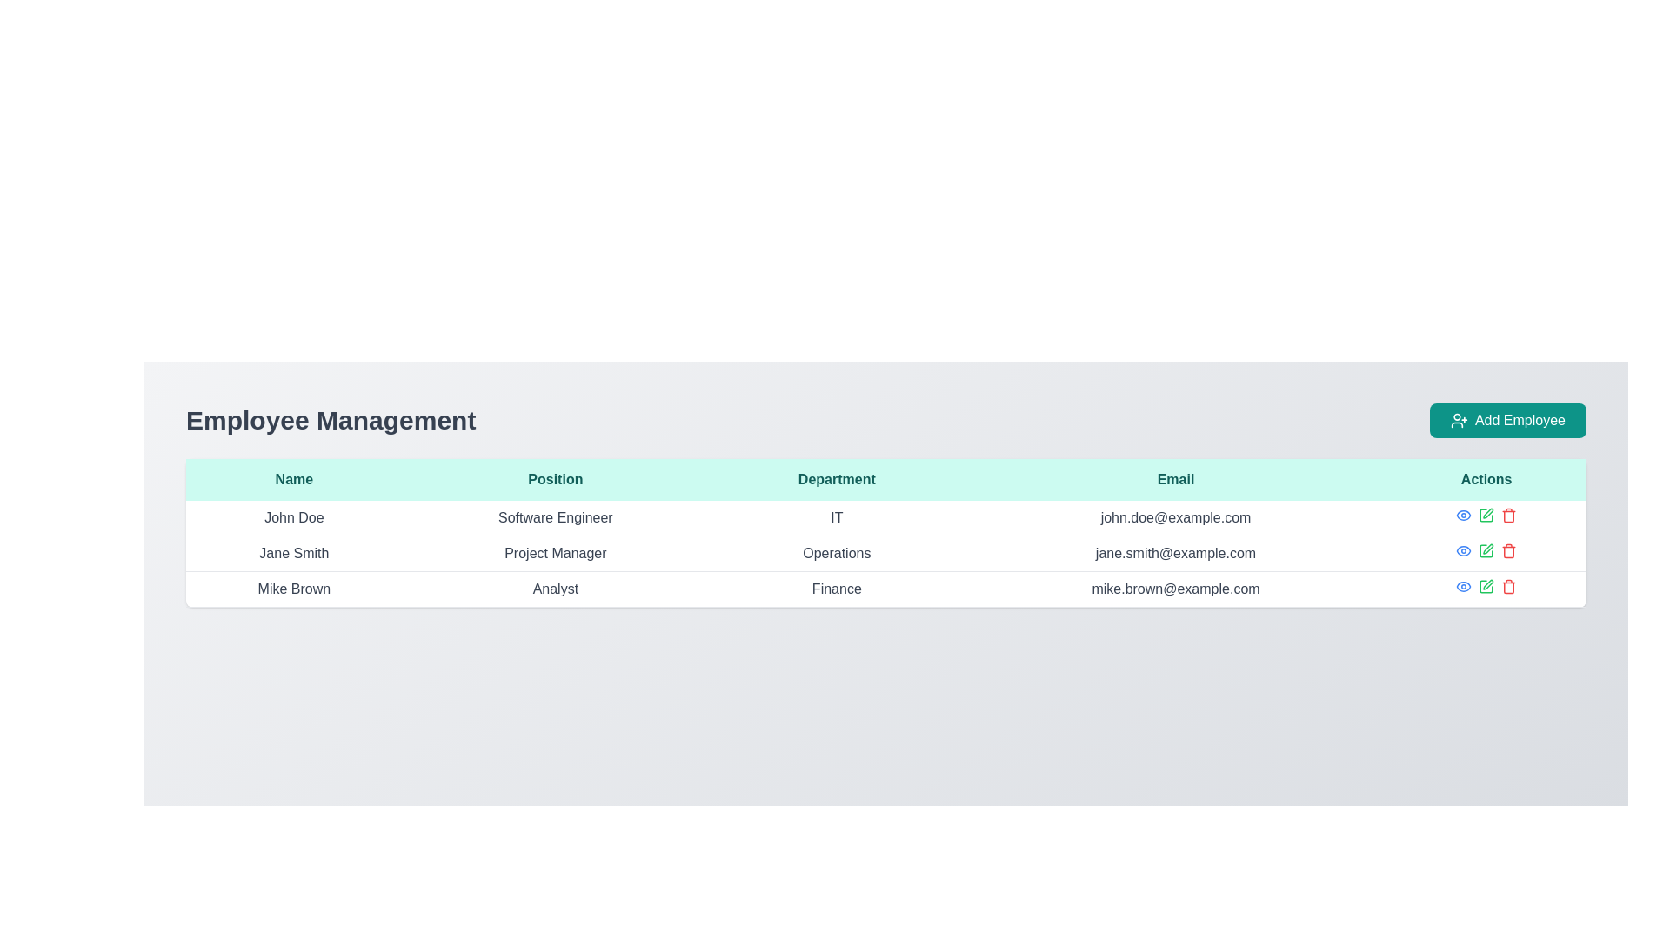  I want to click on the action icons in the 'Actions' column of the 'Employee Management' table for user 'John Doe', so click(1486, 515).